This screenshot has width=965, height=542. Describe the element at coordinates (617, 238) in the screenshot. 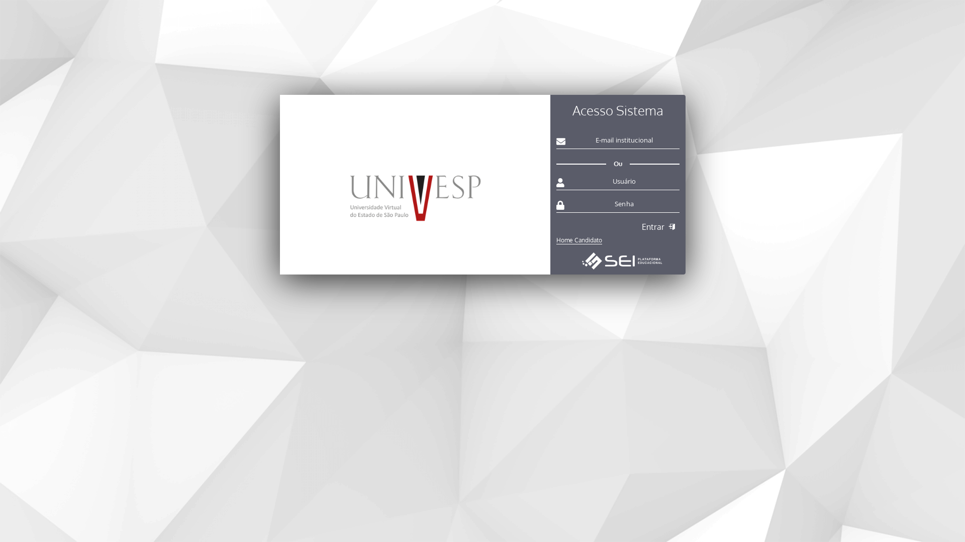

I see `'Home Candidato'` at that location.